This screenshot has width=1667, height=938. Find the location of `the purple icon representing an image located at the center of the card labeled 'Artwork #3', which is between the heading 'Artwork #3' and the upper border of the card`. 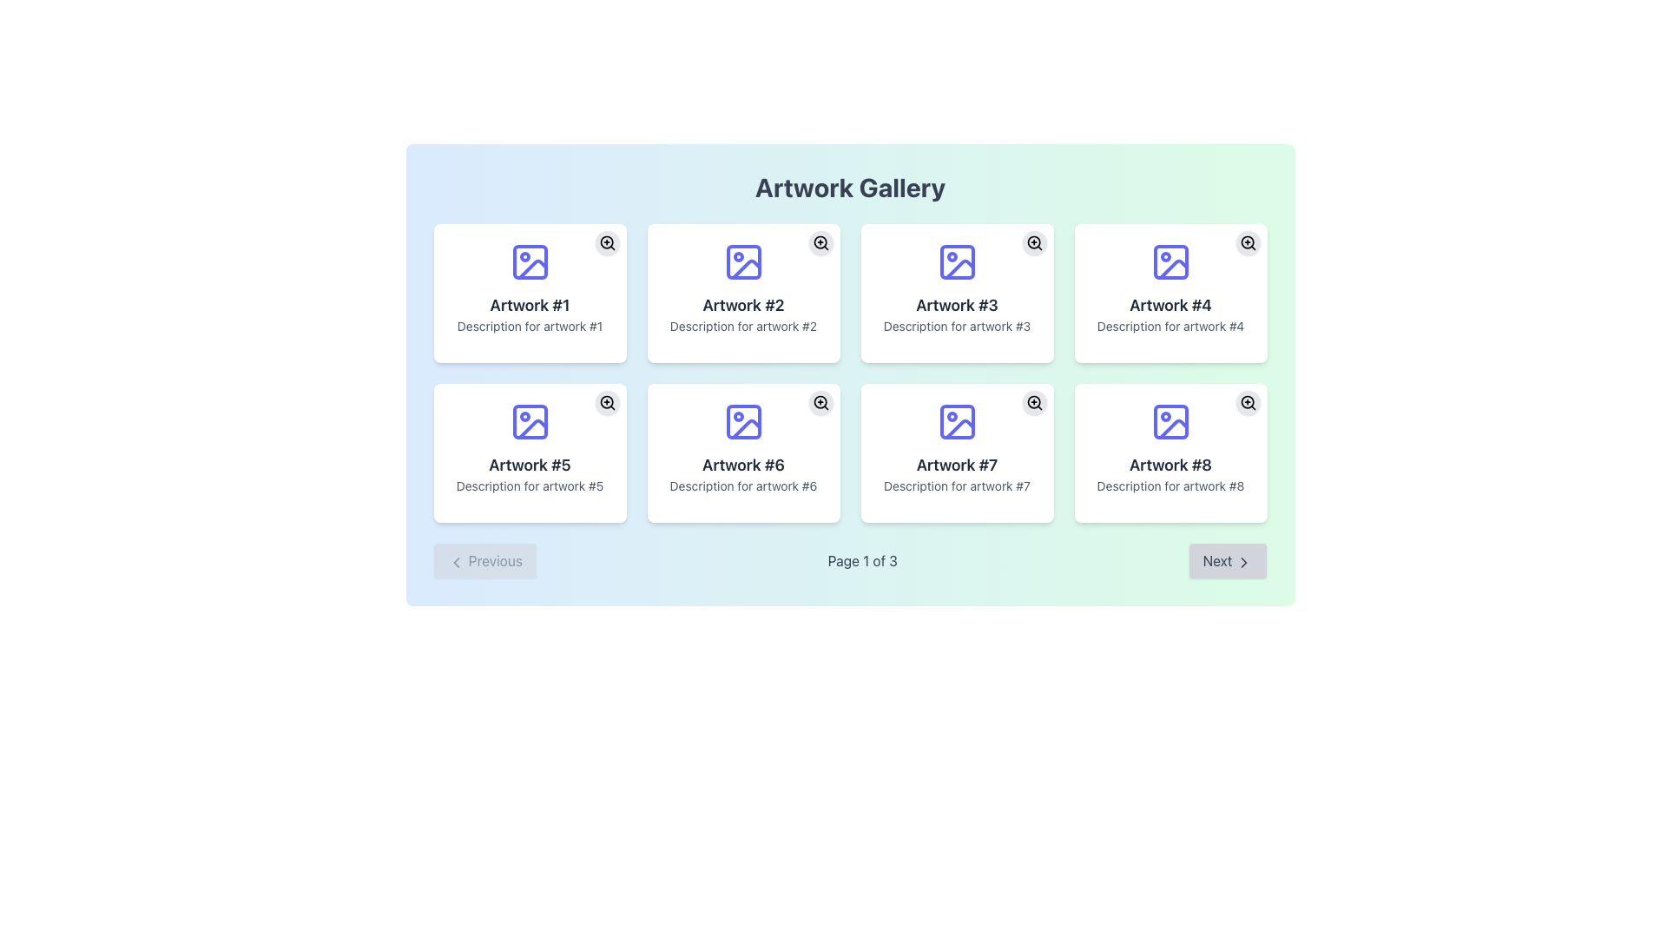

the purple icon representing an image located at the center of the card labeled 'Artwork #3', which is between the heading 'Artwork #3' and the upper border of the card is located at coordinates (956, 261).